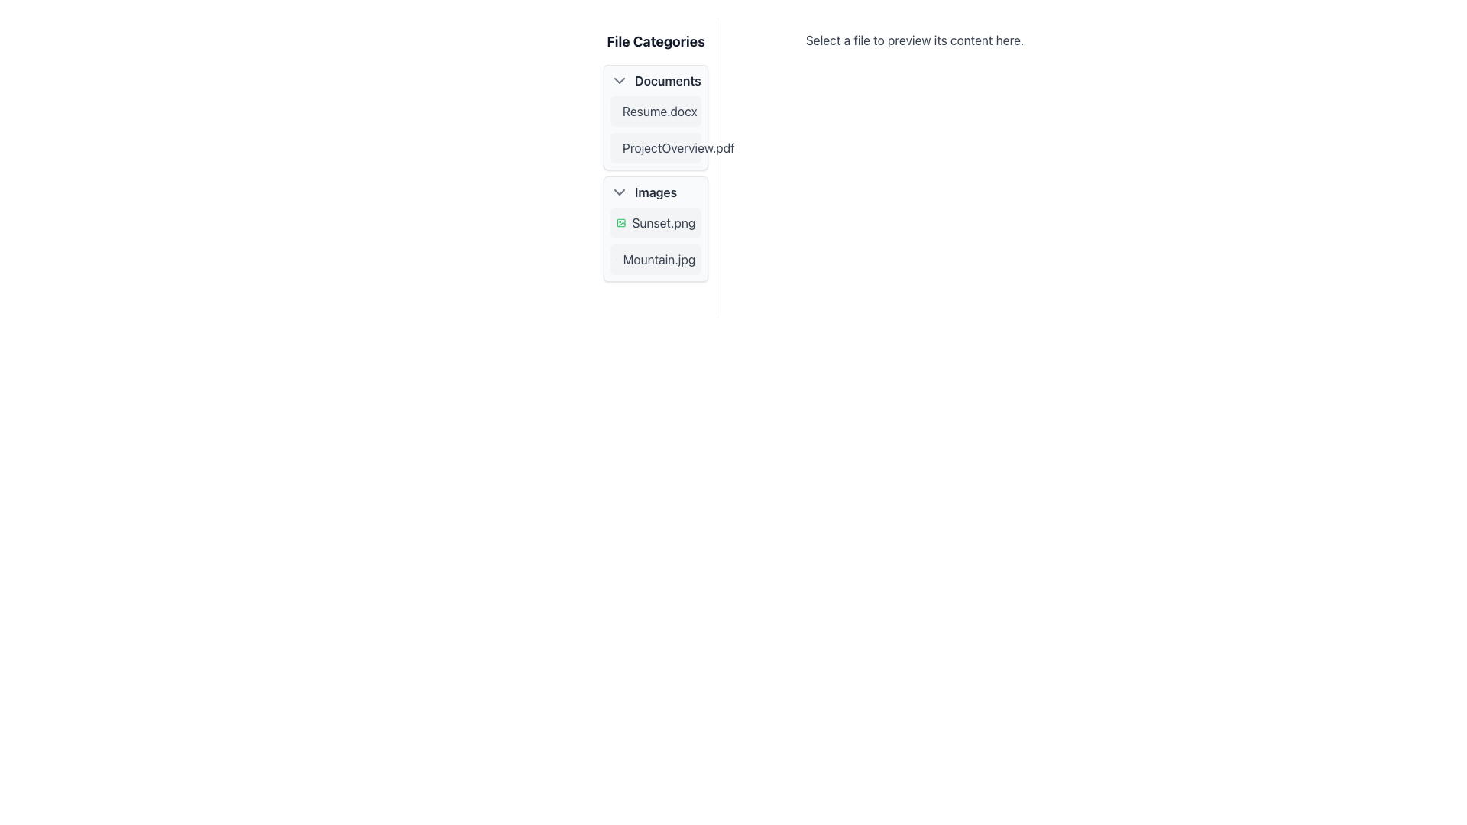 The image size is (1467, 825). Describe the element at coordinates (656, 223) in the screenshot. I see `the List item labeled 'Sunset.png' which features a green image icon and a dark gray text label` at that location.